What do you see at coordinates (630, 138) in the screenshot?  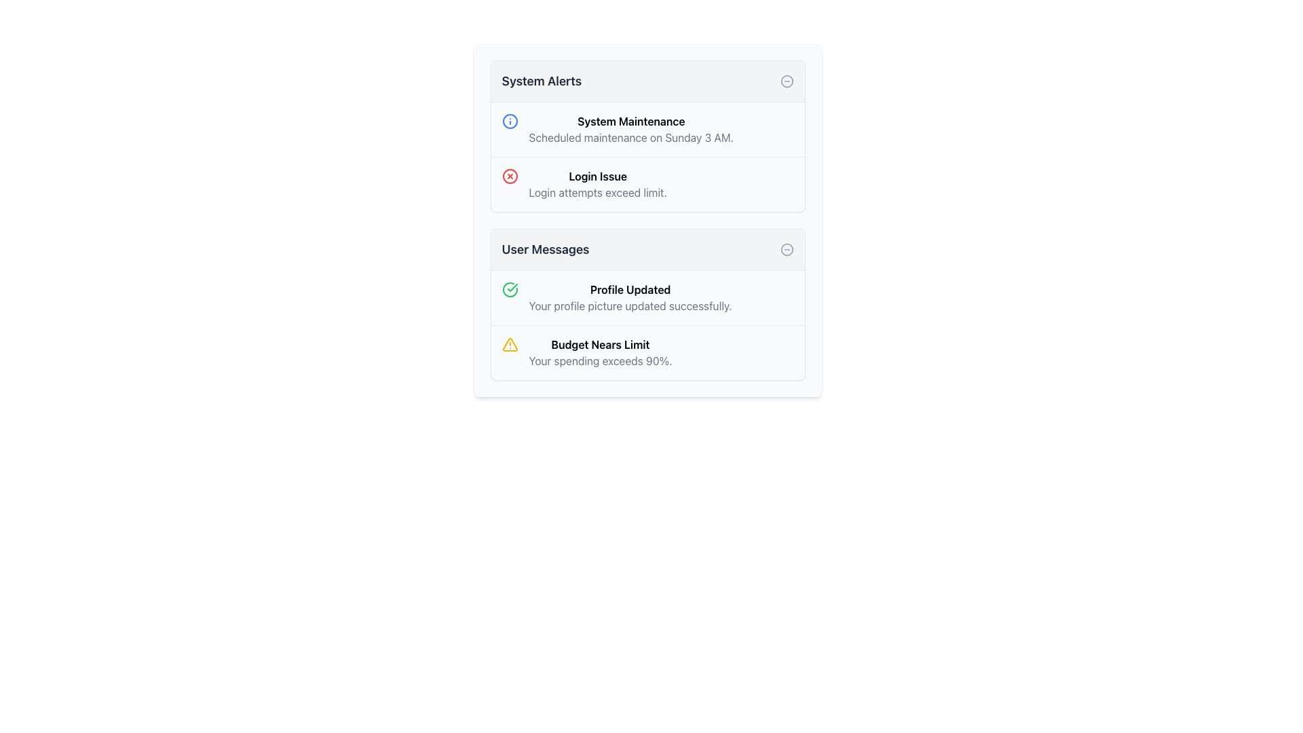 I see `the static text element displaying 'Scheduled maintenance on Sunday 3 AM.' located below the 'System Maintenance' heading in the 'System Alerts' section` at bounding box center [630, 138].